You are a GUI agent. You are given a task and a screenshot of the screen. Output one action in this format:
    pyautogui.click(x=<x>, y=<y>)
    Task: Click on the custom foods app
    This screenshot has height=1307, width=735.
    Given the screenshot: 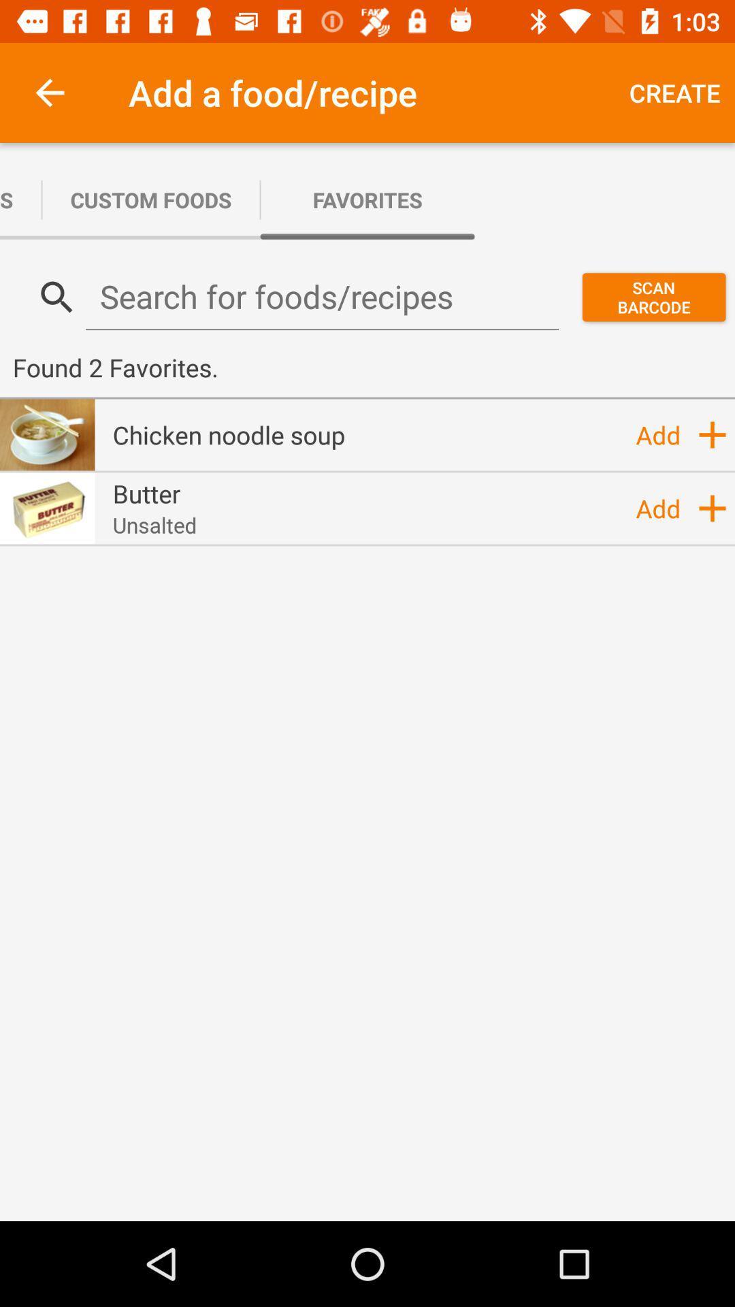 What is the action you would take?
    pyautogui.click(x=151, y=199)
    